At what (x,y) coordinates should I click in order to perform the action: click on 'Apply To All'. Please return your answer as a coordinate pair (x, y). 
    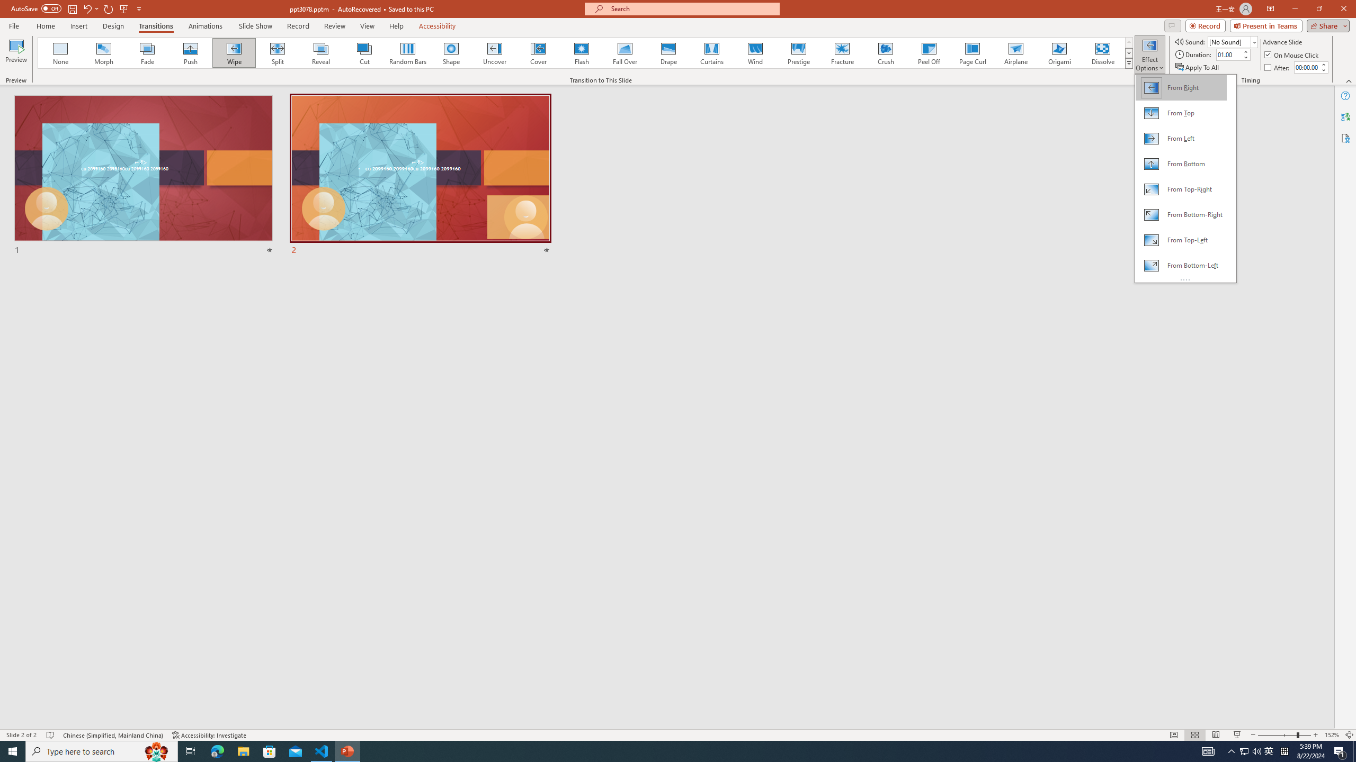
    Looking at the image, I should click on (1198, 67).